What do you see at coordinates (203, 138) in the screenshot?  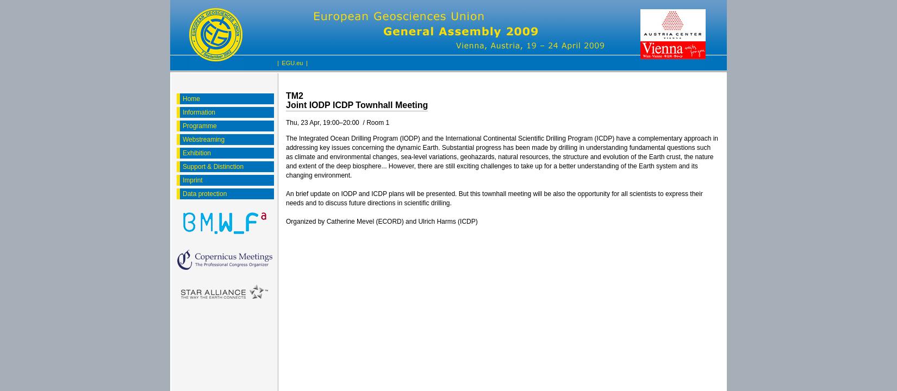 I see `'Webstreaming'` at bounding box center [203, 138].